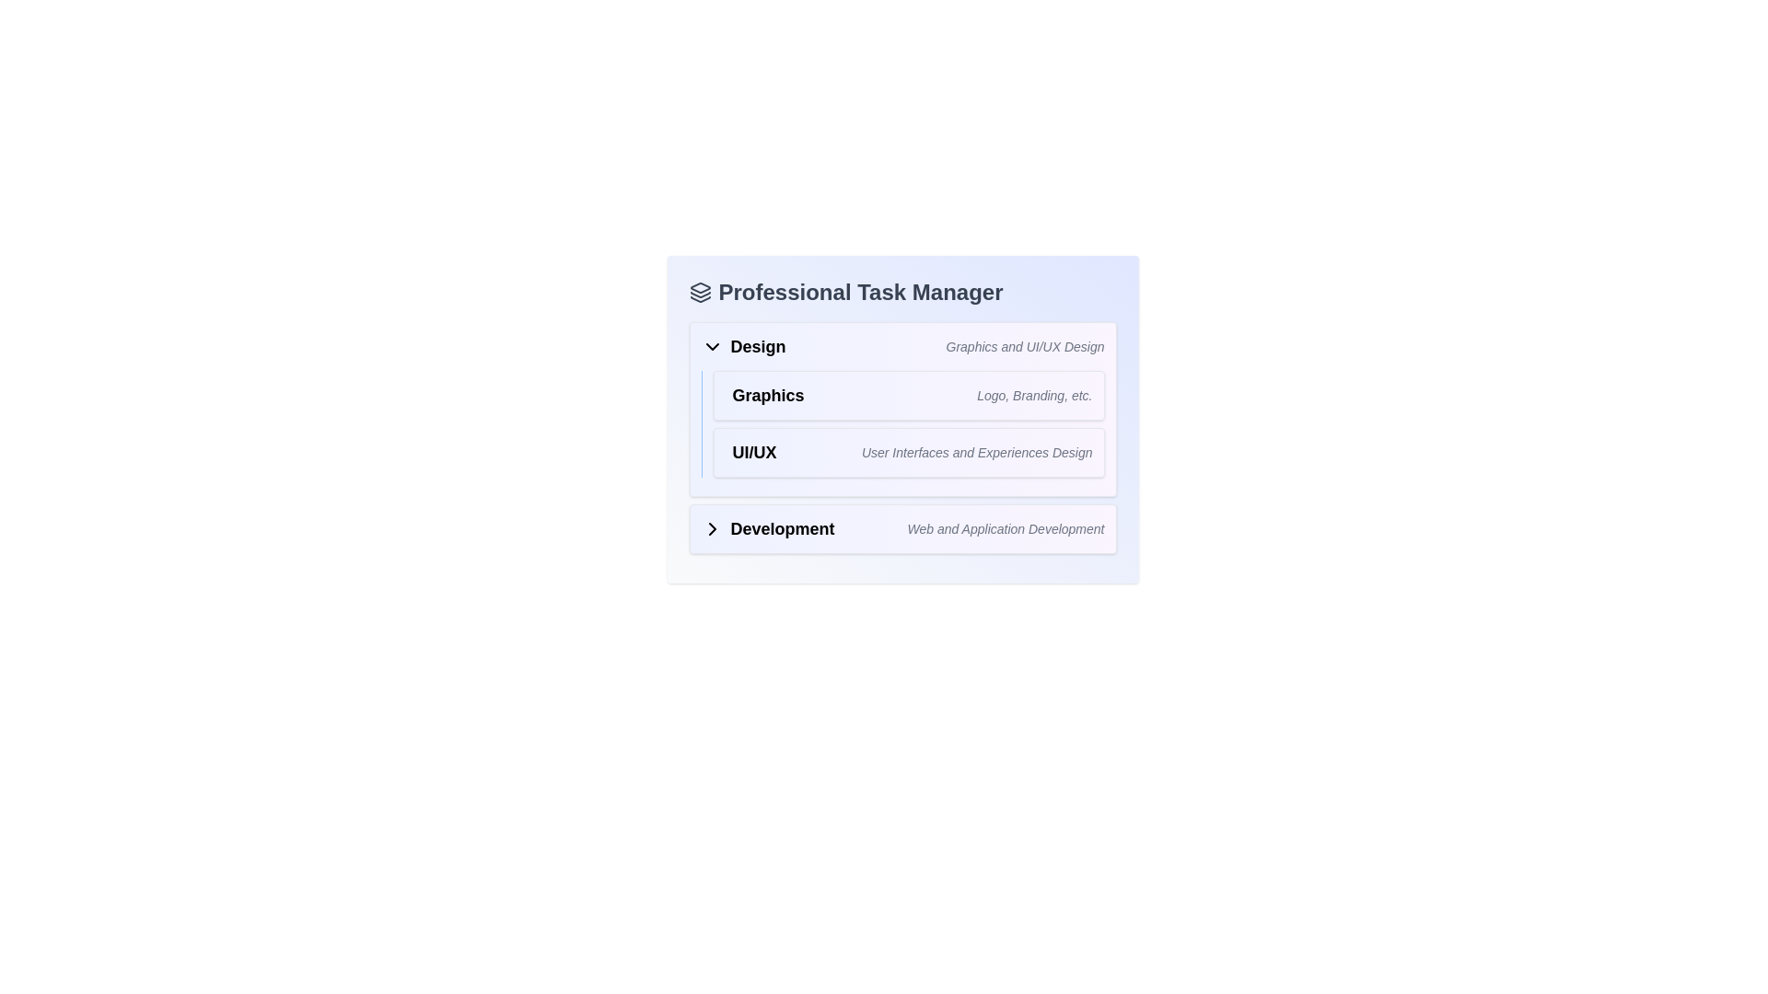  Describe the element at coordinates (743, 347) in the screenshot. I see `the dropdown indicator icon next to the 'Design' section header labeled 'Graphics and UI/UX Design' in the Professional Task Manager interface to expand or collapse related content` at that location.